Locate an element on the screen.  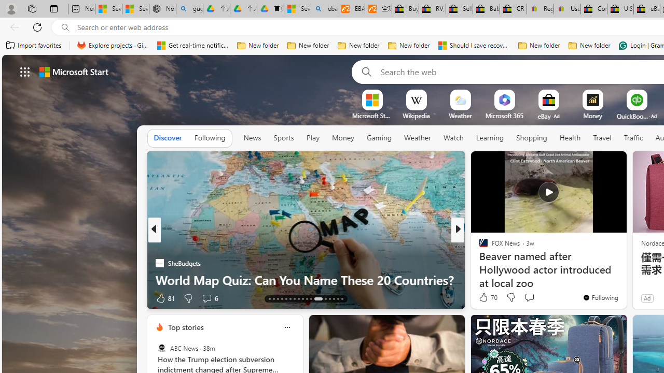
'U.S. State Privacy Disclosures - eBay Inc.' is located at coordinates (620, 9).